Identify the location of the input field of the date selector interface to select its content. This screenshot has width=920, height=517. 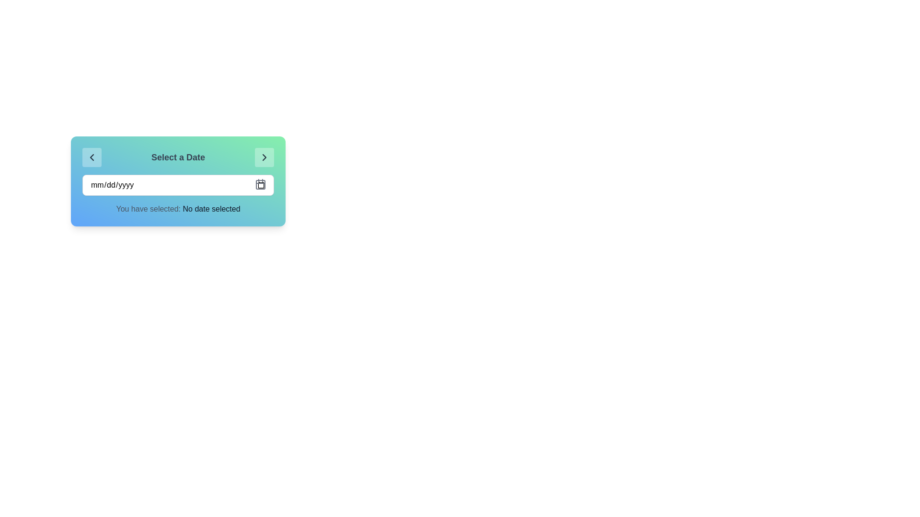
(178, 181).